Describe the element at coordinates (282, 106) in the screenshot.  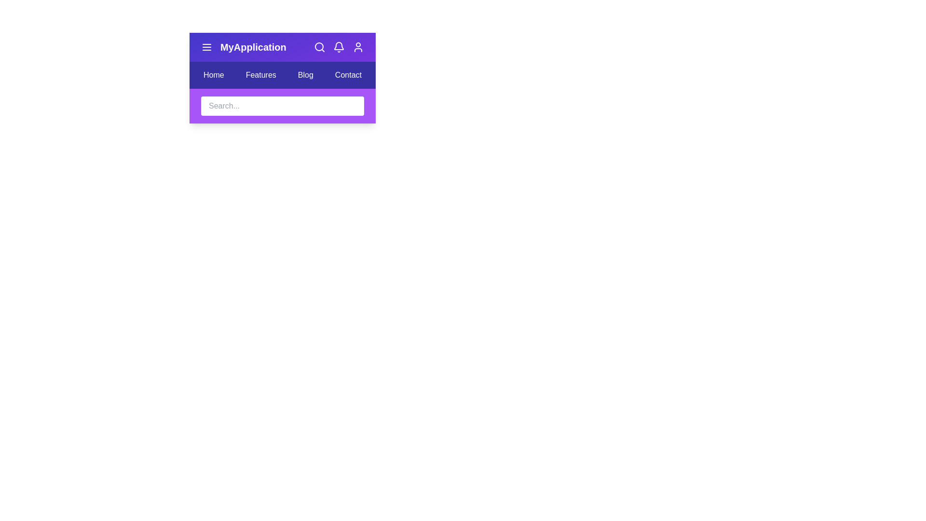
I see `the search bar and type the desired text` at that location.